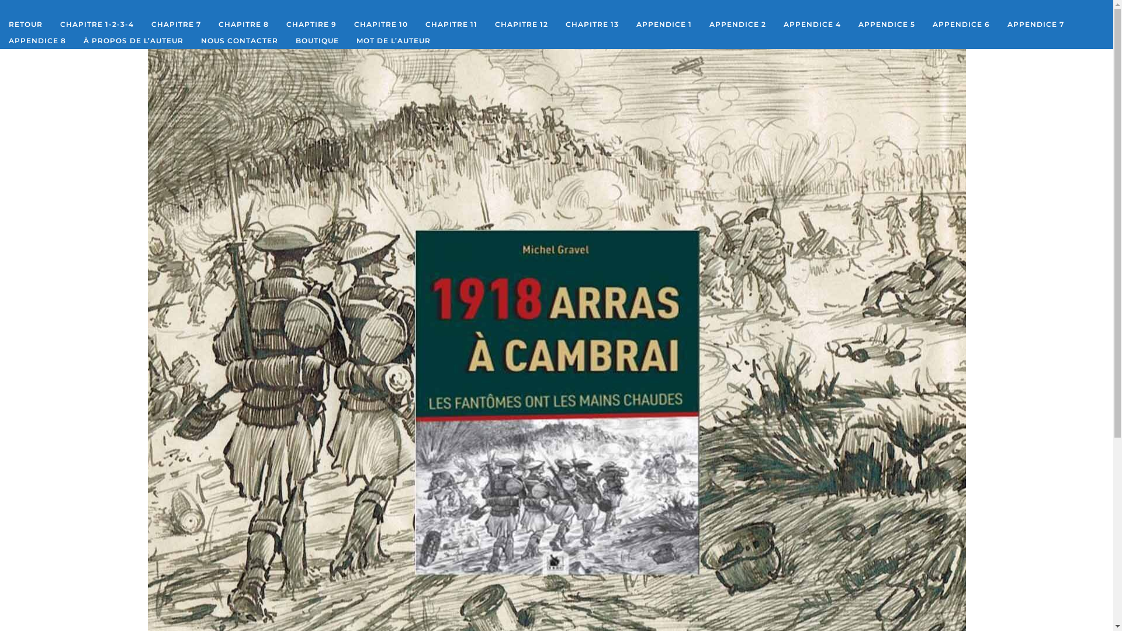  I want to click on 'APPENDICE 8', so click(0, 40).